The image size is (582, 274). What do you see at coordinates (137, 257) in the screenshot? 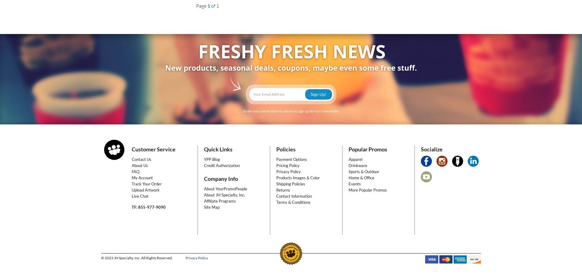
I see `'© 2023 JH Specialty, Inc. All Rights Reserved.'` at bounding box center [137, 257].